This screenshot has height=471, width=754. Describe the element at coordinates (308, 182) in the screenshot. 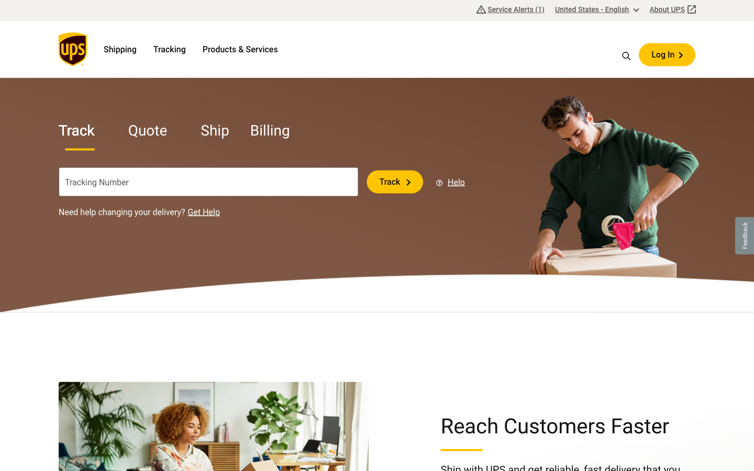

I see `Empty the tracking bar` at that location.